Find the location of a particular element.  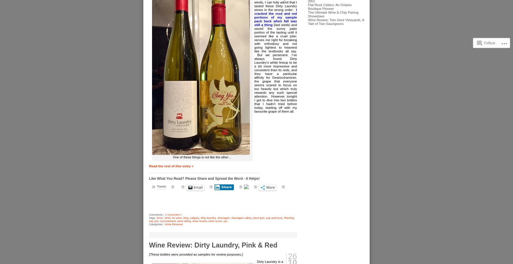

'bc wine' is located at coordinates (176, 217).